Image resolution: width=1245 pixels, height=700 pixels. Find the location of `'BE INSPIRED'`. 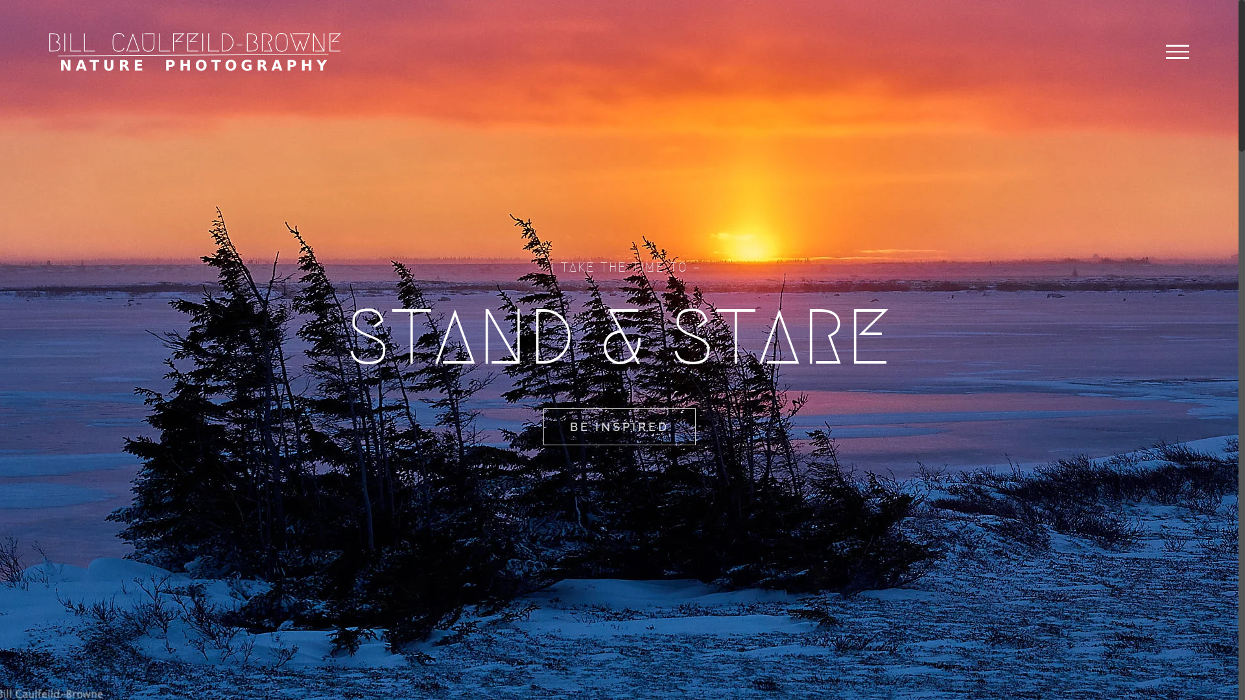

'BE INSPIRED' is located at coordinates (619, 426).